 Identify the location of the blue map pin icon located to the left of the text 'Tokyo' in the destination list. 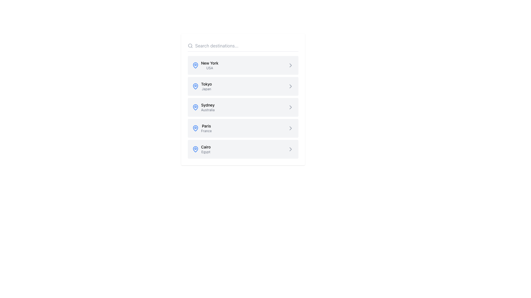
(195, 86).